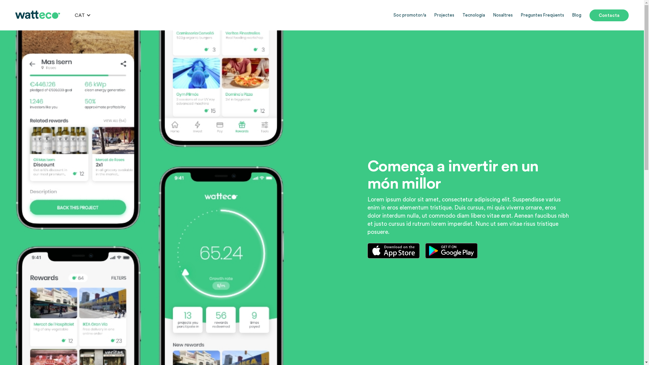  I want to click on 'Projectes', so click(444, 15).